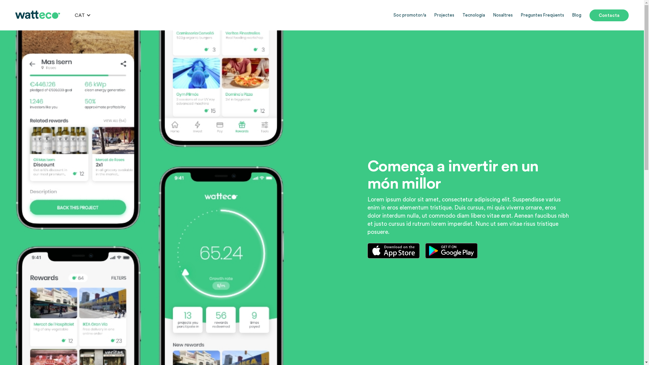  I want to click on 'Projectes', so click(444, 15).